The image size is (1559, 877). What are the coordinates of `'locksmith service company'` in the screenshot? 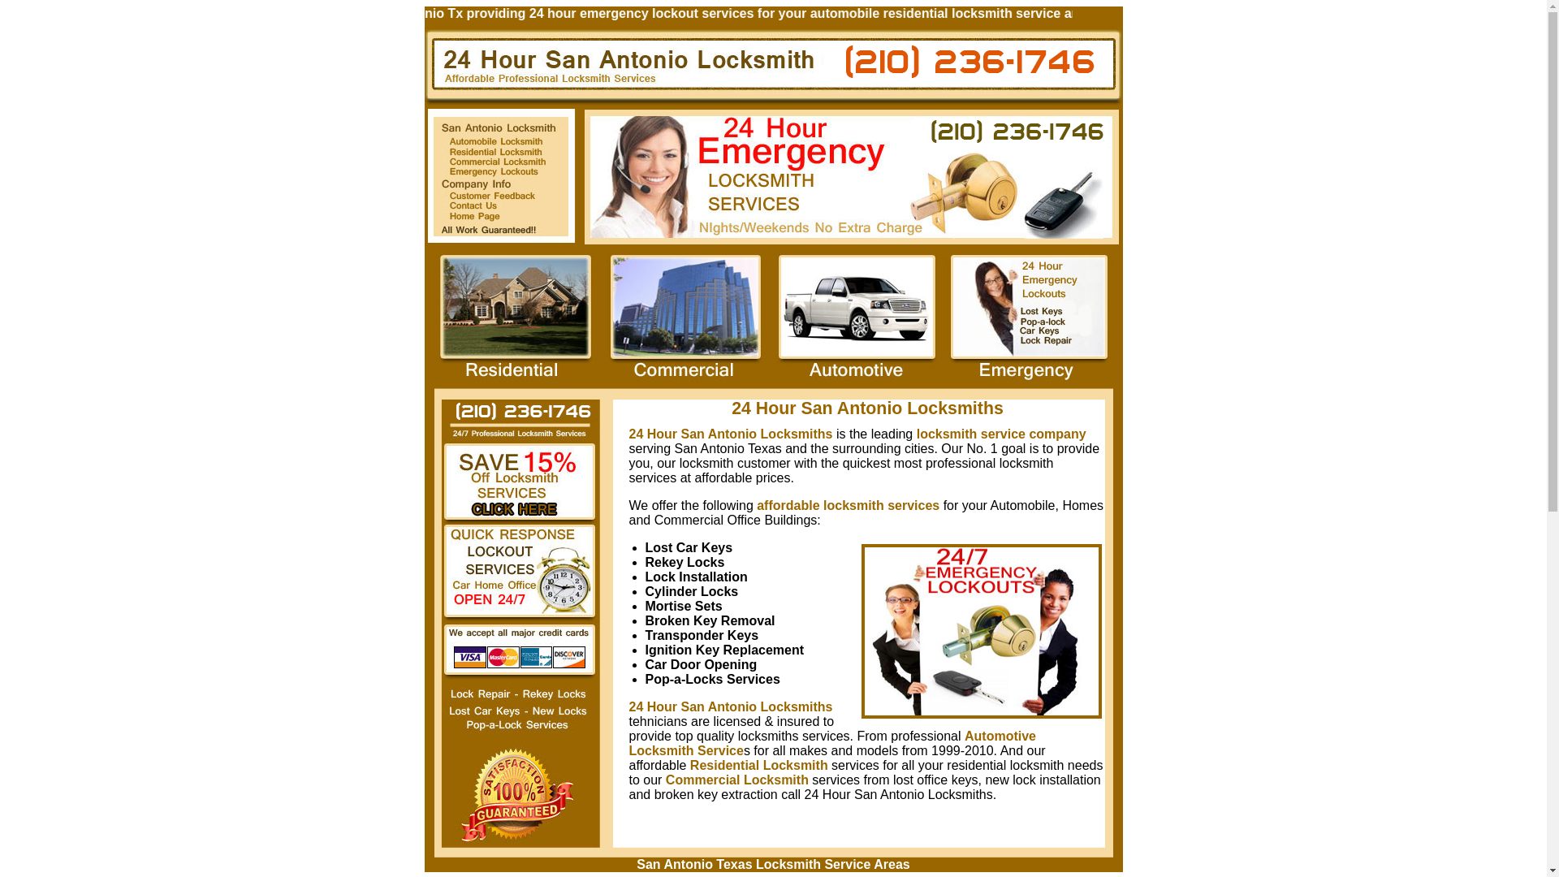 It's located at (1000, 433).